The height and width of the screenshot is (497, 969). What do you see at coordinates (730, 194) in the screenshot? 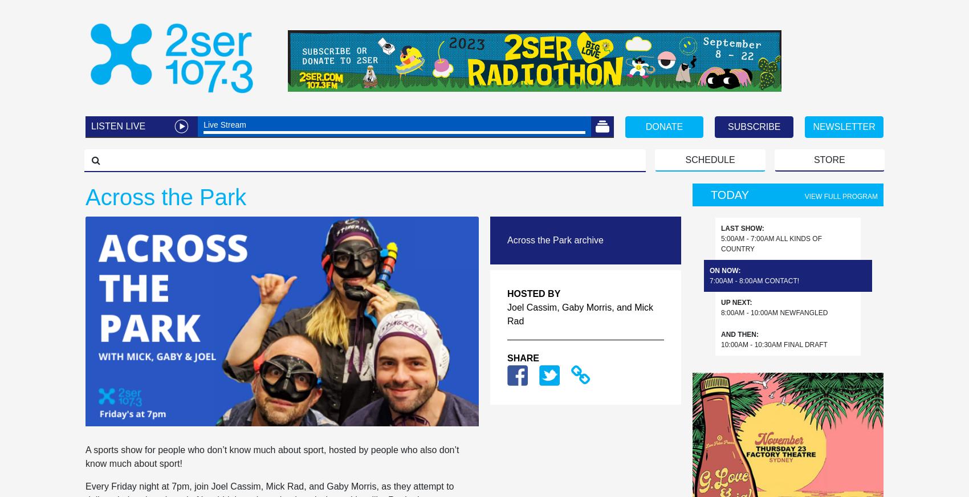
I see `'TODAY'` at bounding box center [730, 194].